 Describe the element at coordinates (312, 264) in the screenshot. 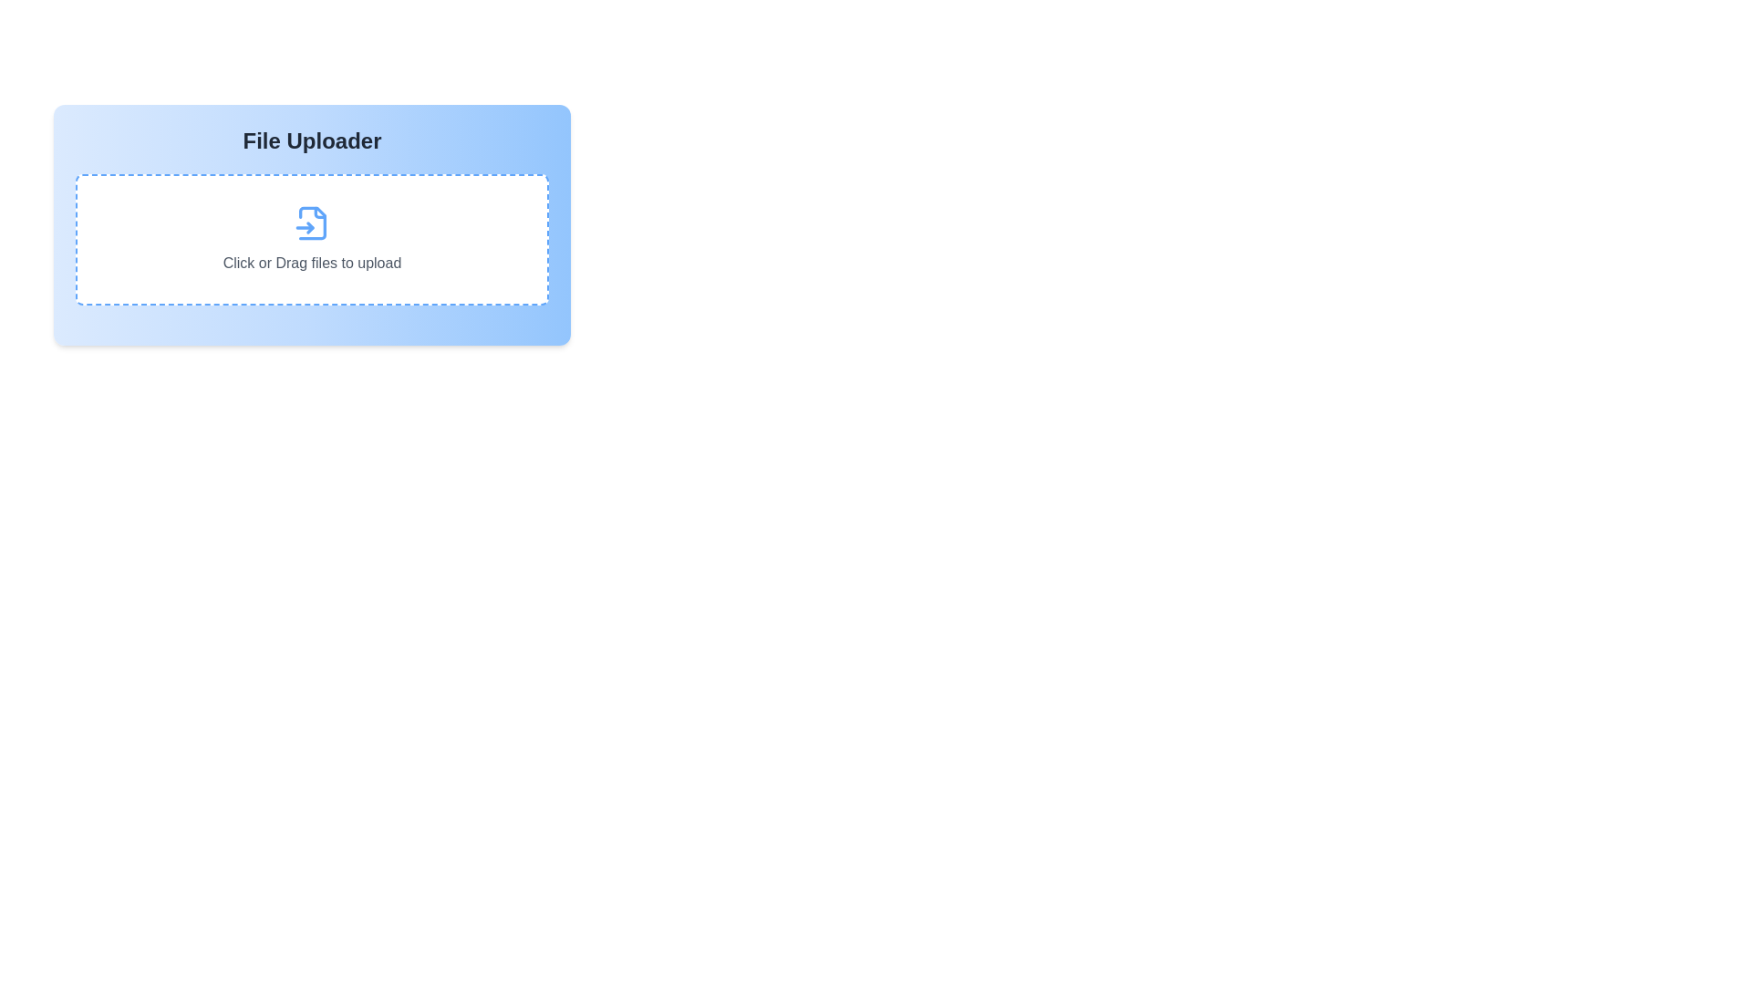

I see `the Helper Text Label that instructs the user to click or drag files for upload, located below the blue file icon within the File Uploader section` at that location.